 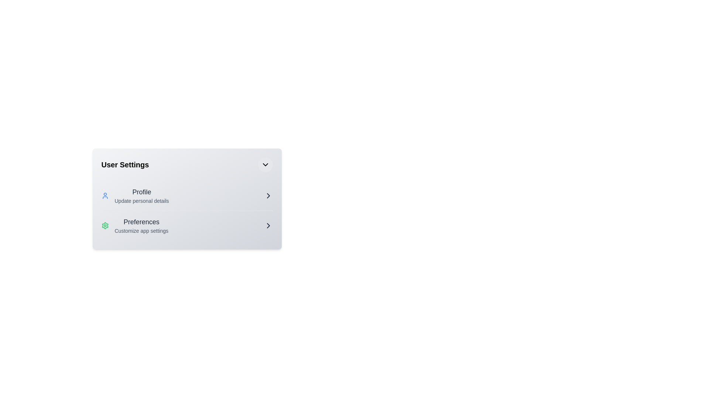 What do you see at coordinates (142, 201) in the screenshot?
I see `the static text label providing context for the 'Profile' option, located directly below the 'Profile' text in the settings list` at bounding box center [142, 201].